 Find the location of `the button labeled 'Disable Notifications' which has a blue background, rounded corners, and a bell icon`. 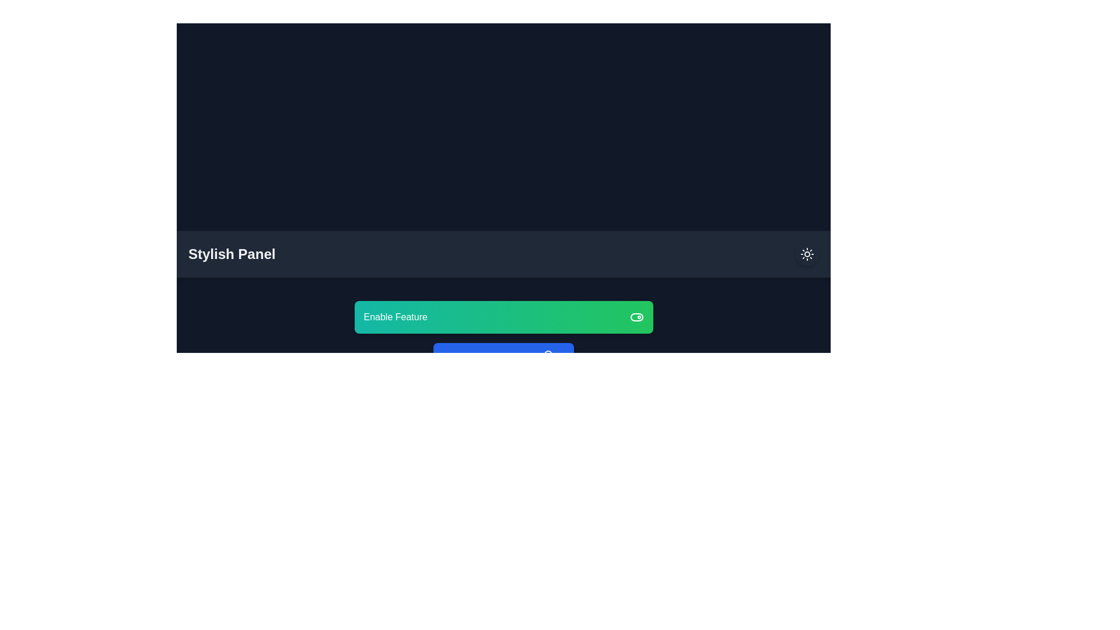

the button labeled 'Disable Notifications' which has a blue background, rounded corners, and a bell icon is located at coordinates (503, 356).